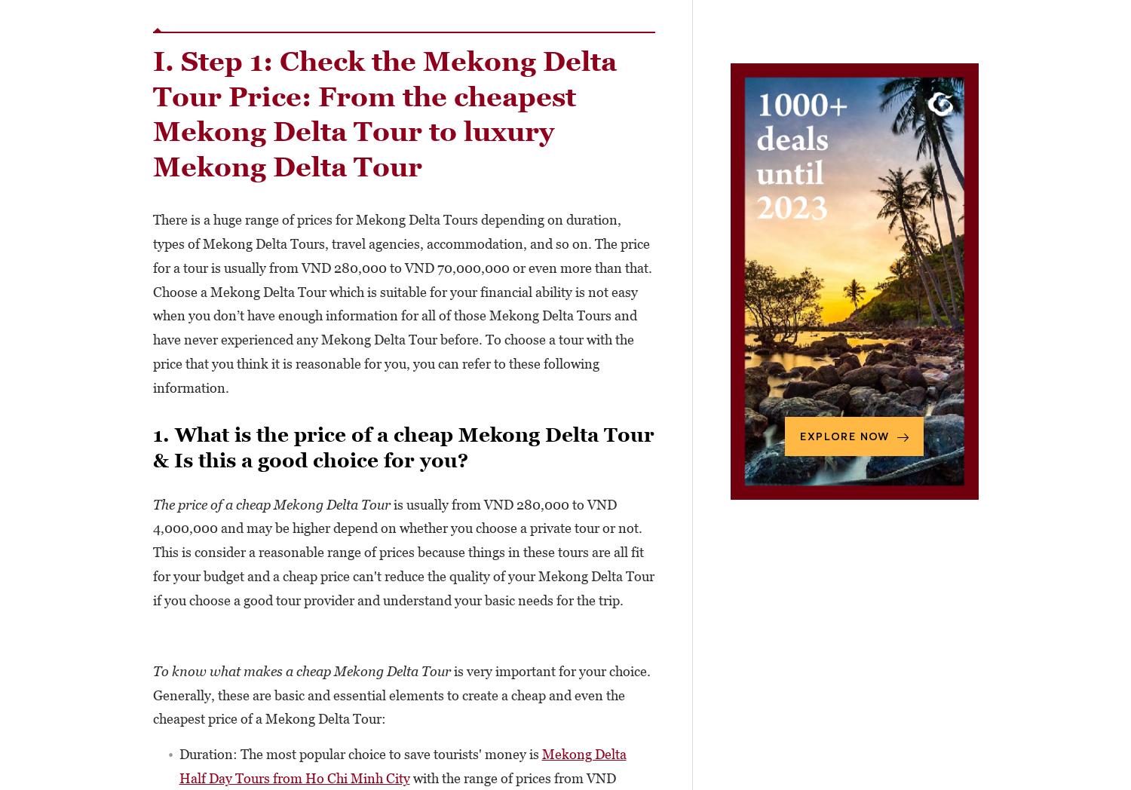 The width and height of the screenshot is (1131, 790). Describe the element at coordinates (402, 766) in the screenshot. I see `'Mekong Delta Half Day Tours from Ho Chi Minh City'` at that location.